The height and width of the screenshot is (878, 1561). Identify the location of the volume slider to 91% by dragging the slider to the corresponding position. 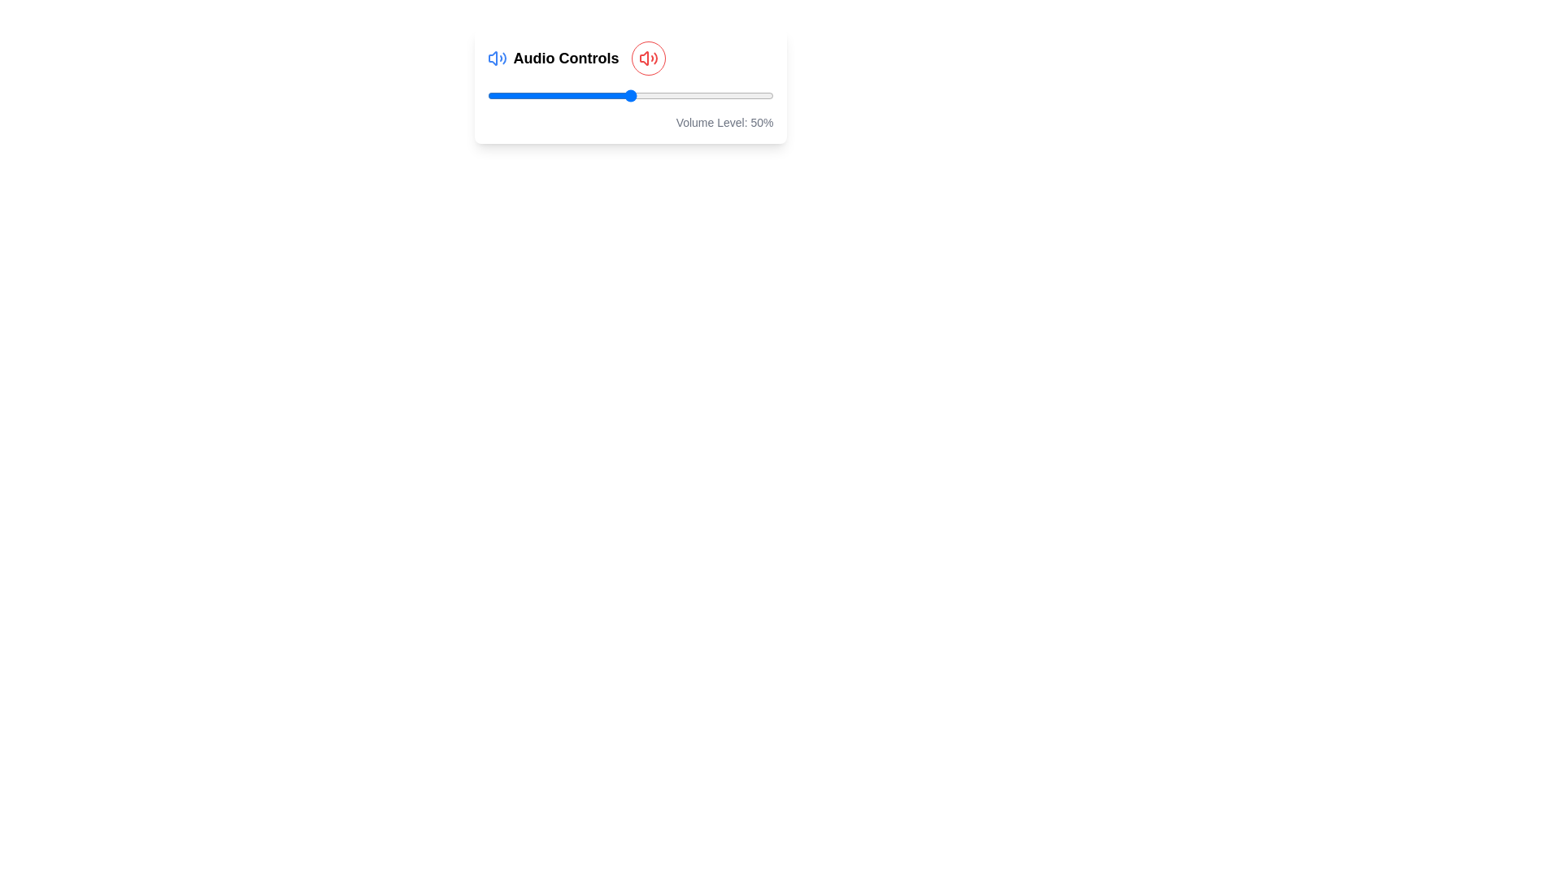
(746, 96).